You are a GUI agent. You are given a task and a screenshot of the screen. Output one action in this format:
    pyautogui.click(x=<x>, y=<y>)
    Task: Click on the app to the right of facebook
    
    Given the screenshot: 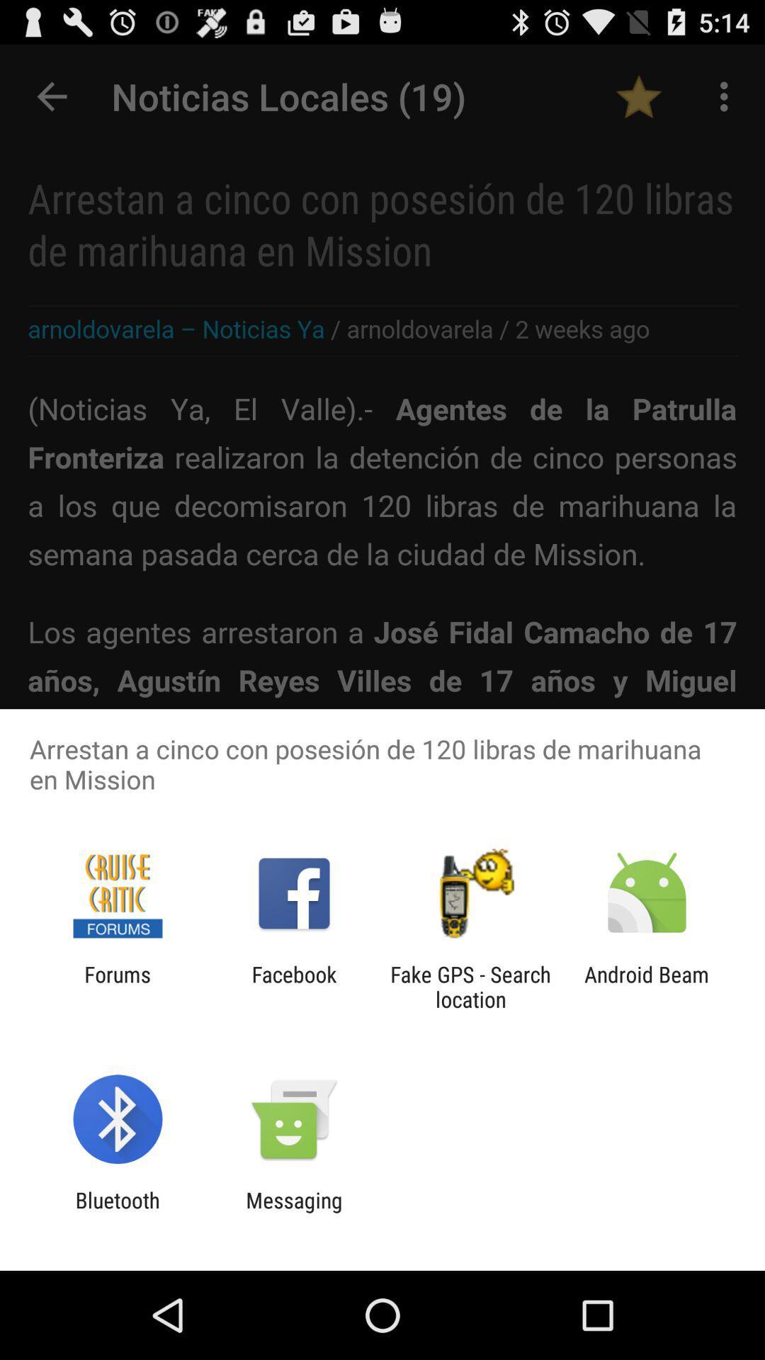 What is the action you would take?
    pyautogui.click(x=470, y=986)
    